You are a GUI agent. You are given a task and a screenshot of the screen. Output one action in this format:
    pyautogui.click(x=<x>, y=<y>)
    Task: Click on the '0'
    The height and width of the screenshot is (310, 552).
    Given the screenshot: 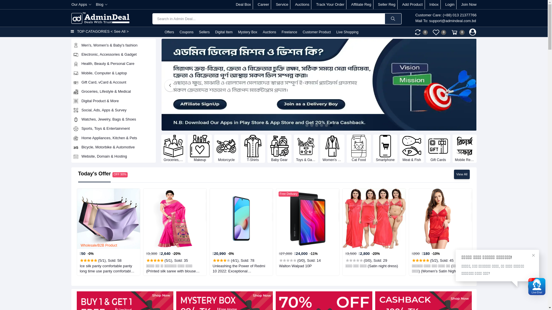 What is the action you would take?
    pyautogui.click(x=451, y=32)
    